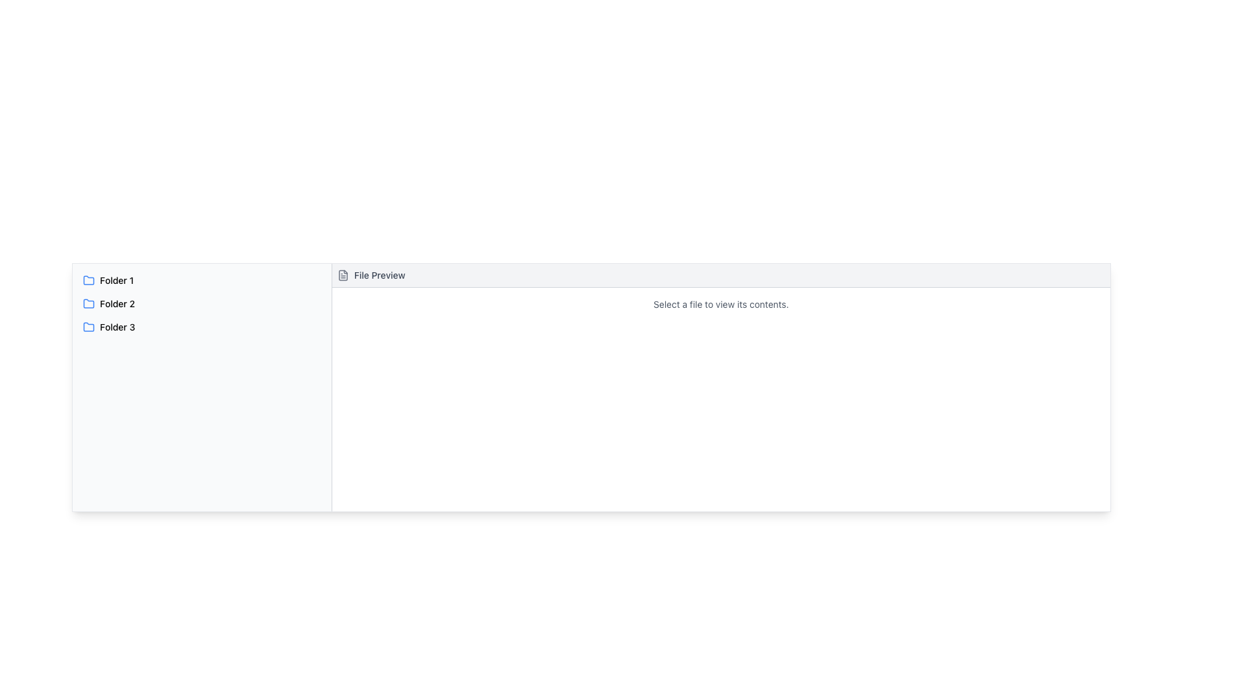  What do you see at coordinates (117, 327) in the screenshot?
I see `the text label 'Folder 3'` at bounding box center [117, 327].